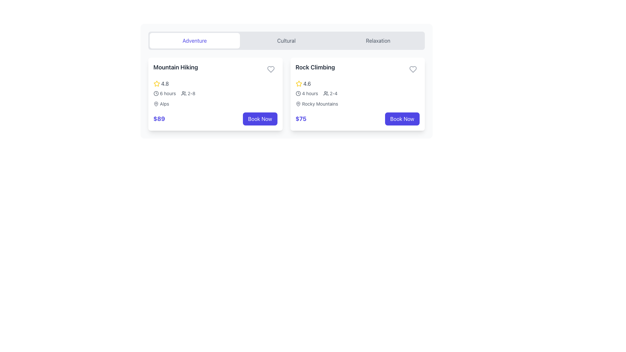 The height and width of the screenshot is (352, 626). What do you see at coordinates (309, 93) in the screenshot?
I see `the text label displaying '4 hours' located next to the clock icon in the card titled 'Rock Climbing'` at bounding box center [309, 93].